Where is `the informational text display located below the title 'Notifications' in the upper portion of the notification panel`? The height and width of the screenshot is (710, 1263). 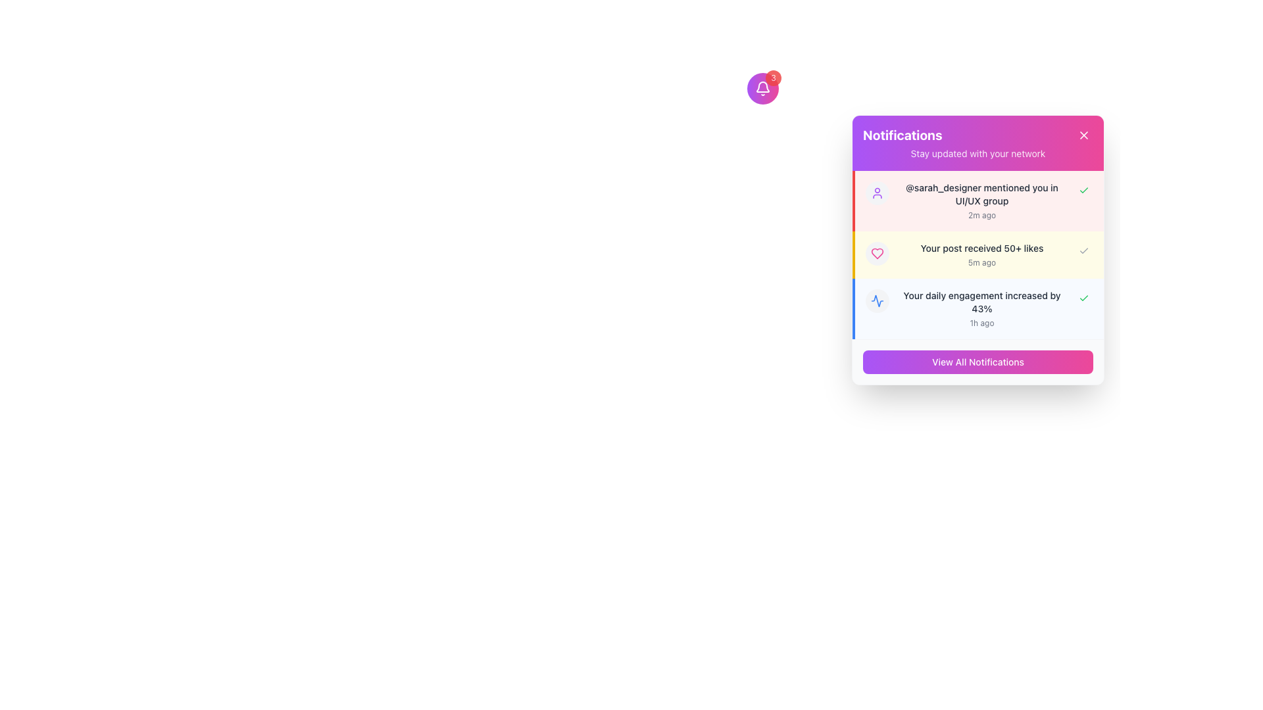 the informational text display located below the title 'Notifications' in the upper portion of the notification panel is located at coordinates (978, 153).